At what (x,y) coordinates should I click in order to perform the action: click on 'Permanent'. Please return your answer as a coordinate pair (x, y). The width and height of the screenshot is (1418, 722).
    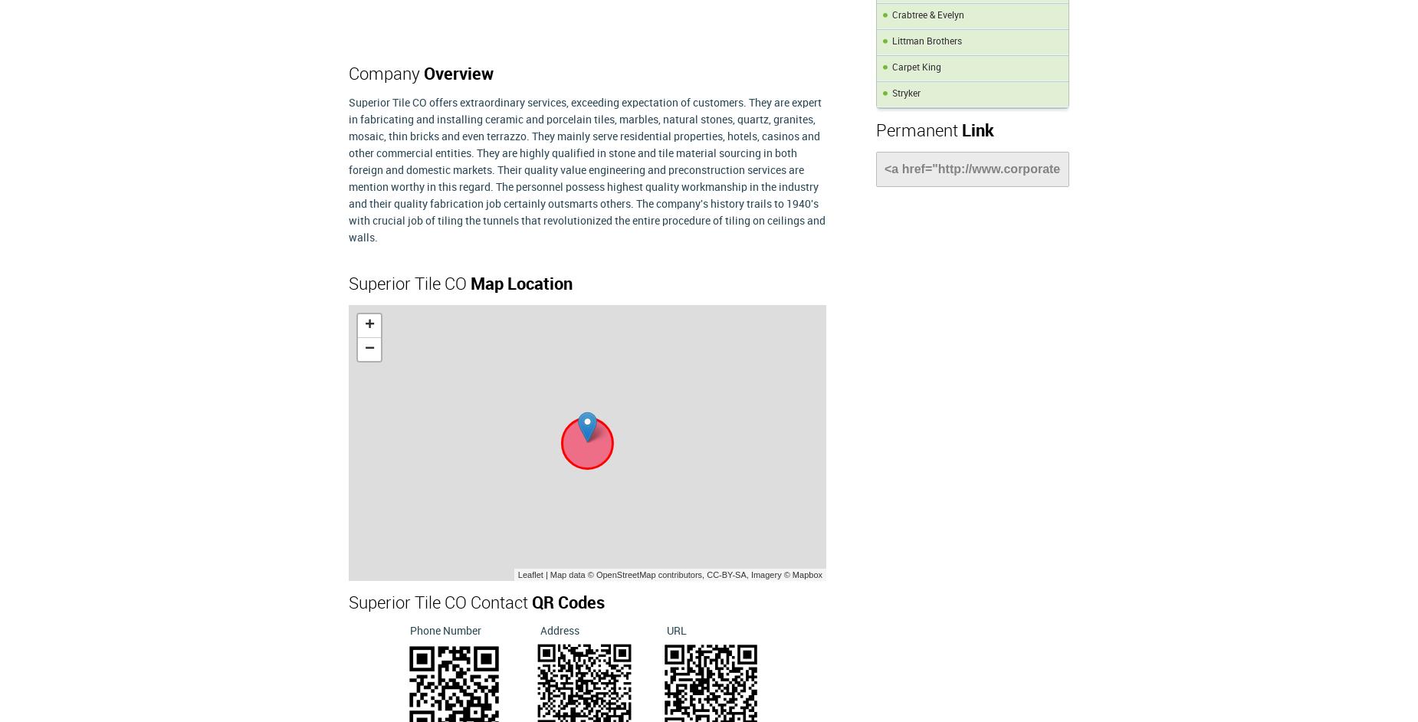
    Looking at the image, I should click on (917, 130).